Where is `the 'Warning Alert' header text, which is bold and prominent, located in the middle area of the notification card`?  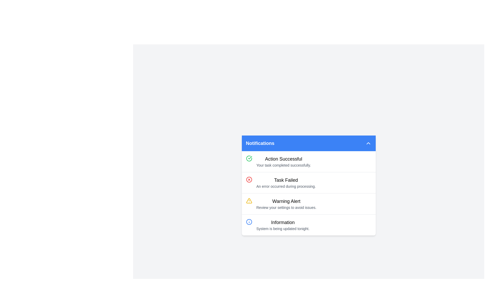 the 'Warning Alert' header text, which is bold and prominent, located in the middle area of the notification card is located at coordinates (286, 201).